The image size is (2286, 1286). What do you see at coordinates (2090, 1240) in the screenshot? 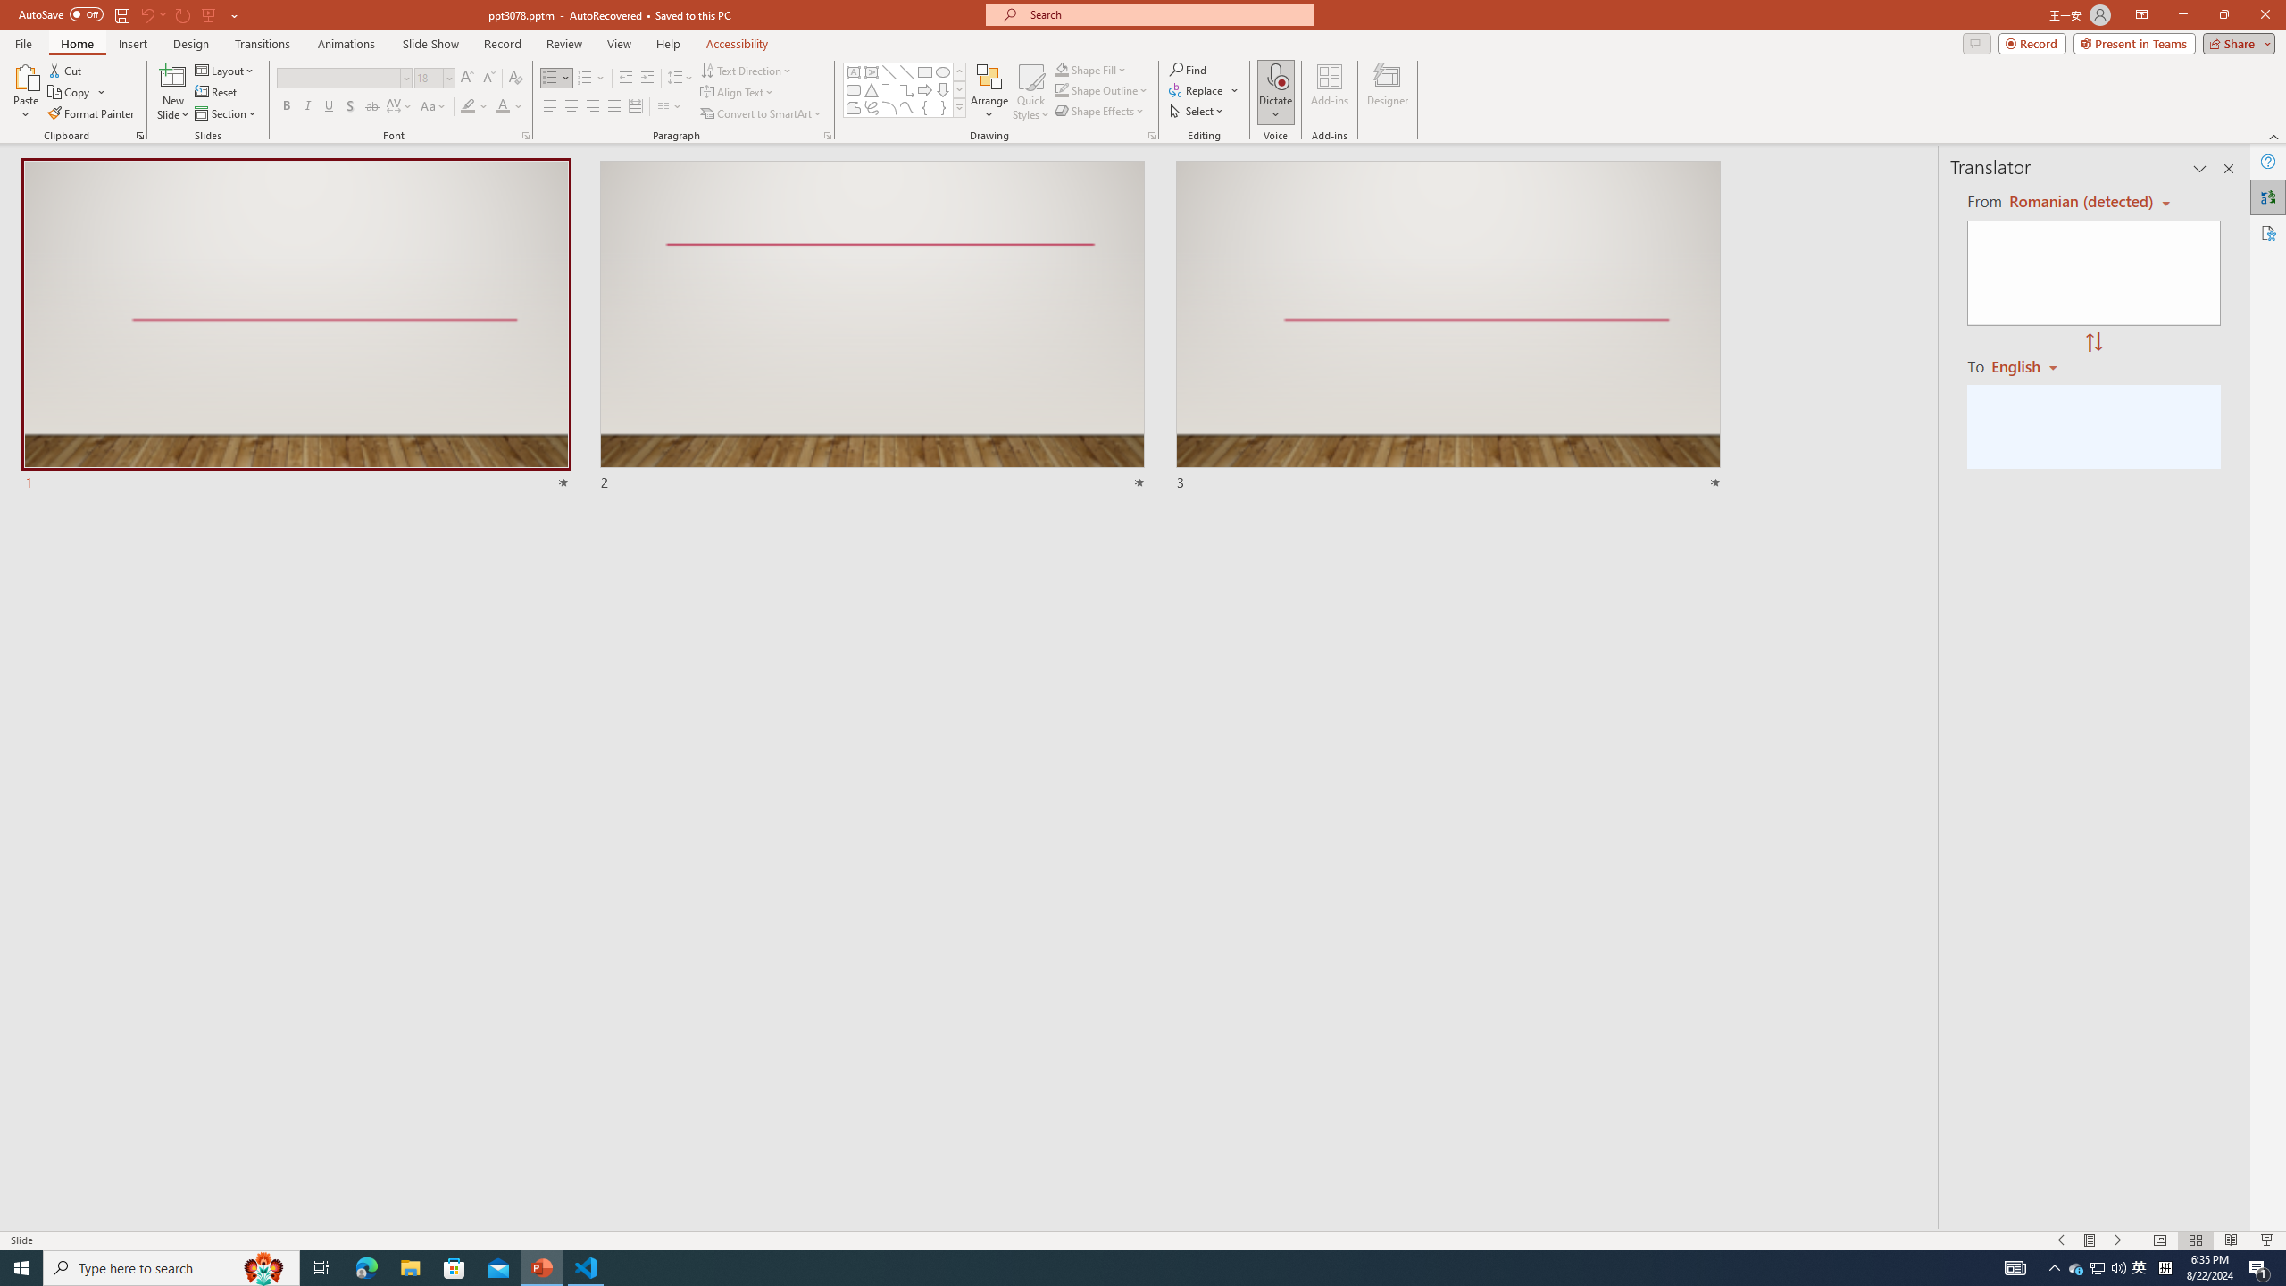
I see `'Menu On'` at bounding box center [2090, 1240].